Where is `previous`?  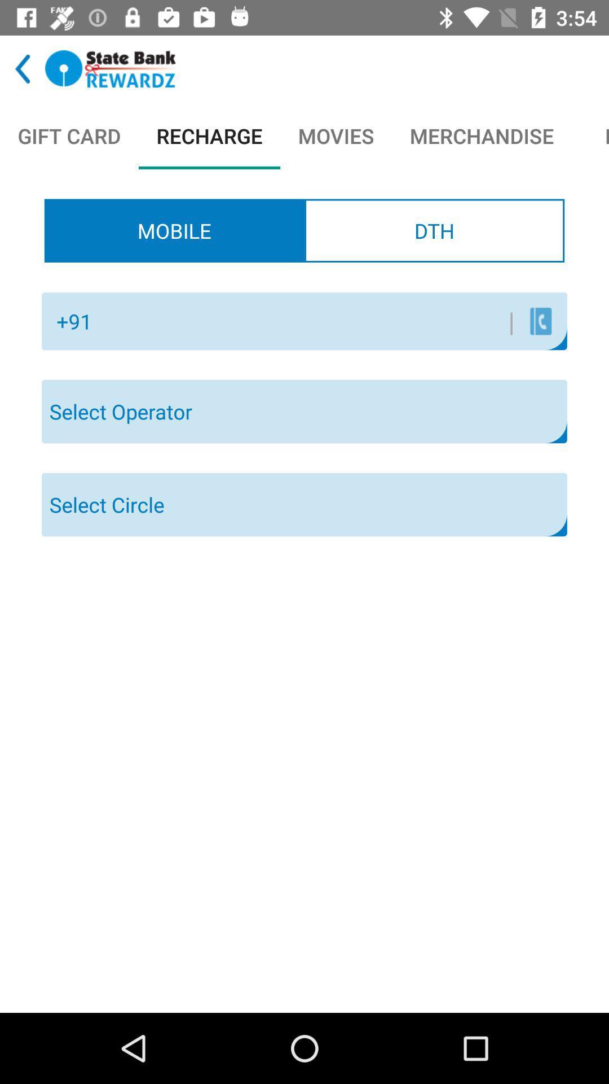
previous is located at coordinates (23, 68).